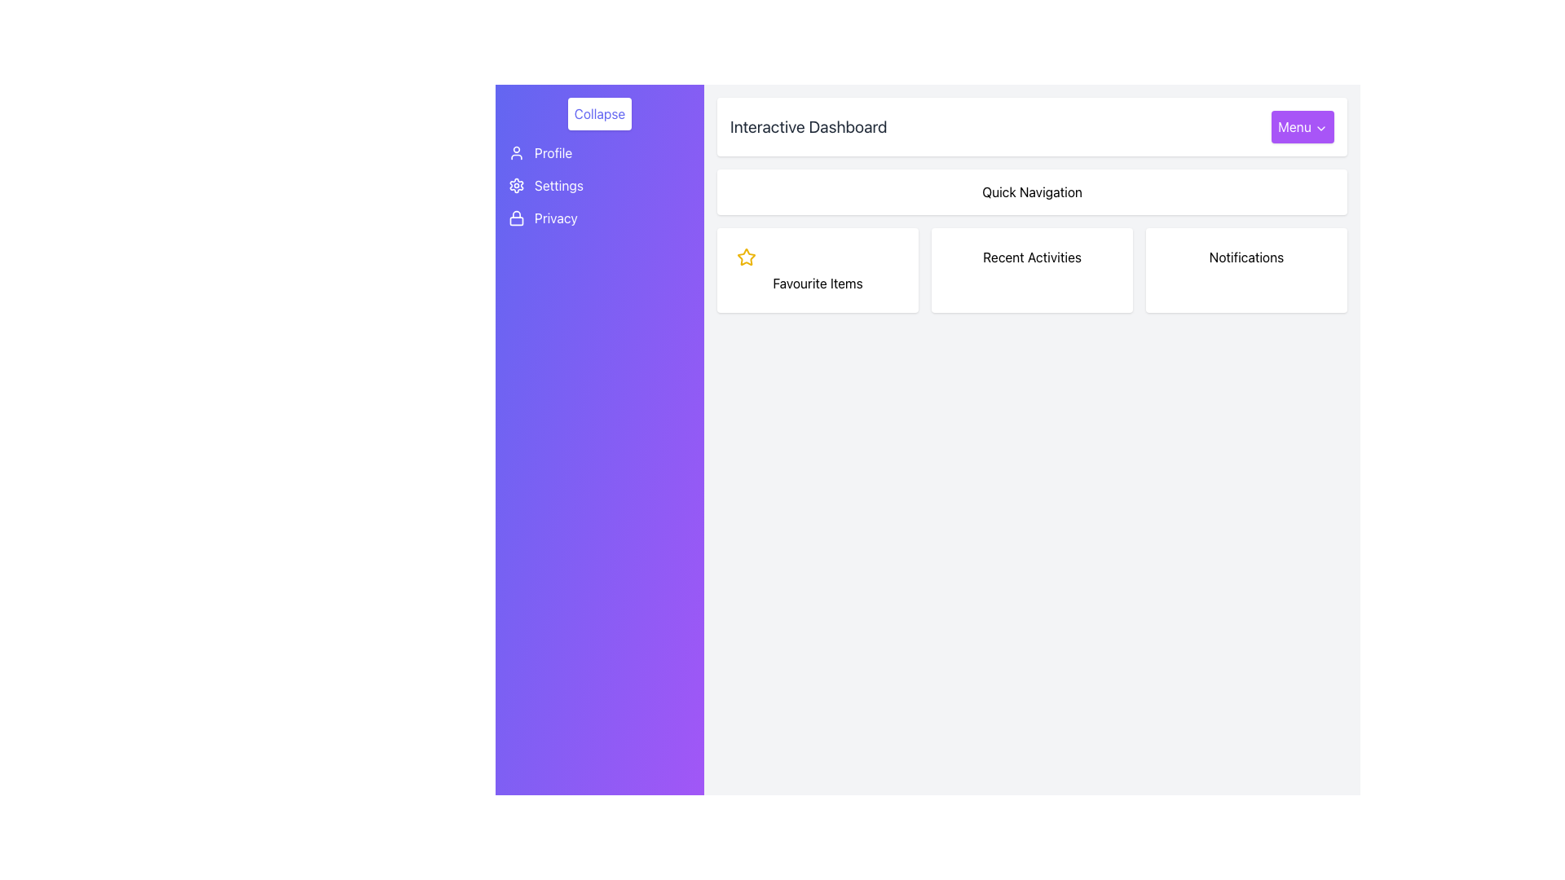 This screenshot has width=1565, height=880. I want to click on the lock-shaped icon with a purple stroke located in the left sidebar before the 'Privacy' text, so click(515, 217).